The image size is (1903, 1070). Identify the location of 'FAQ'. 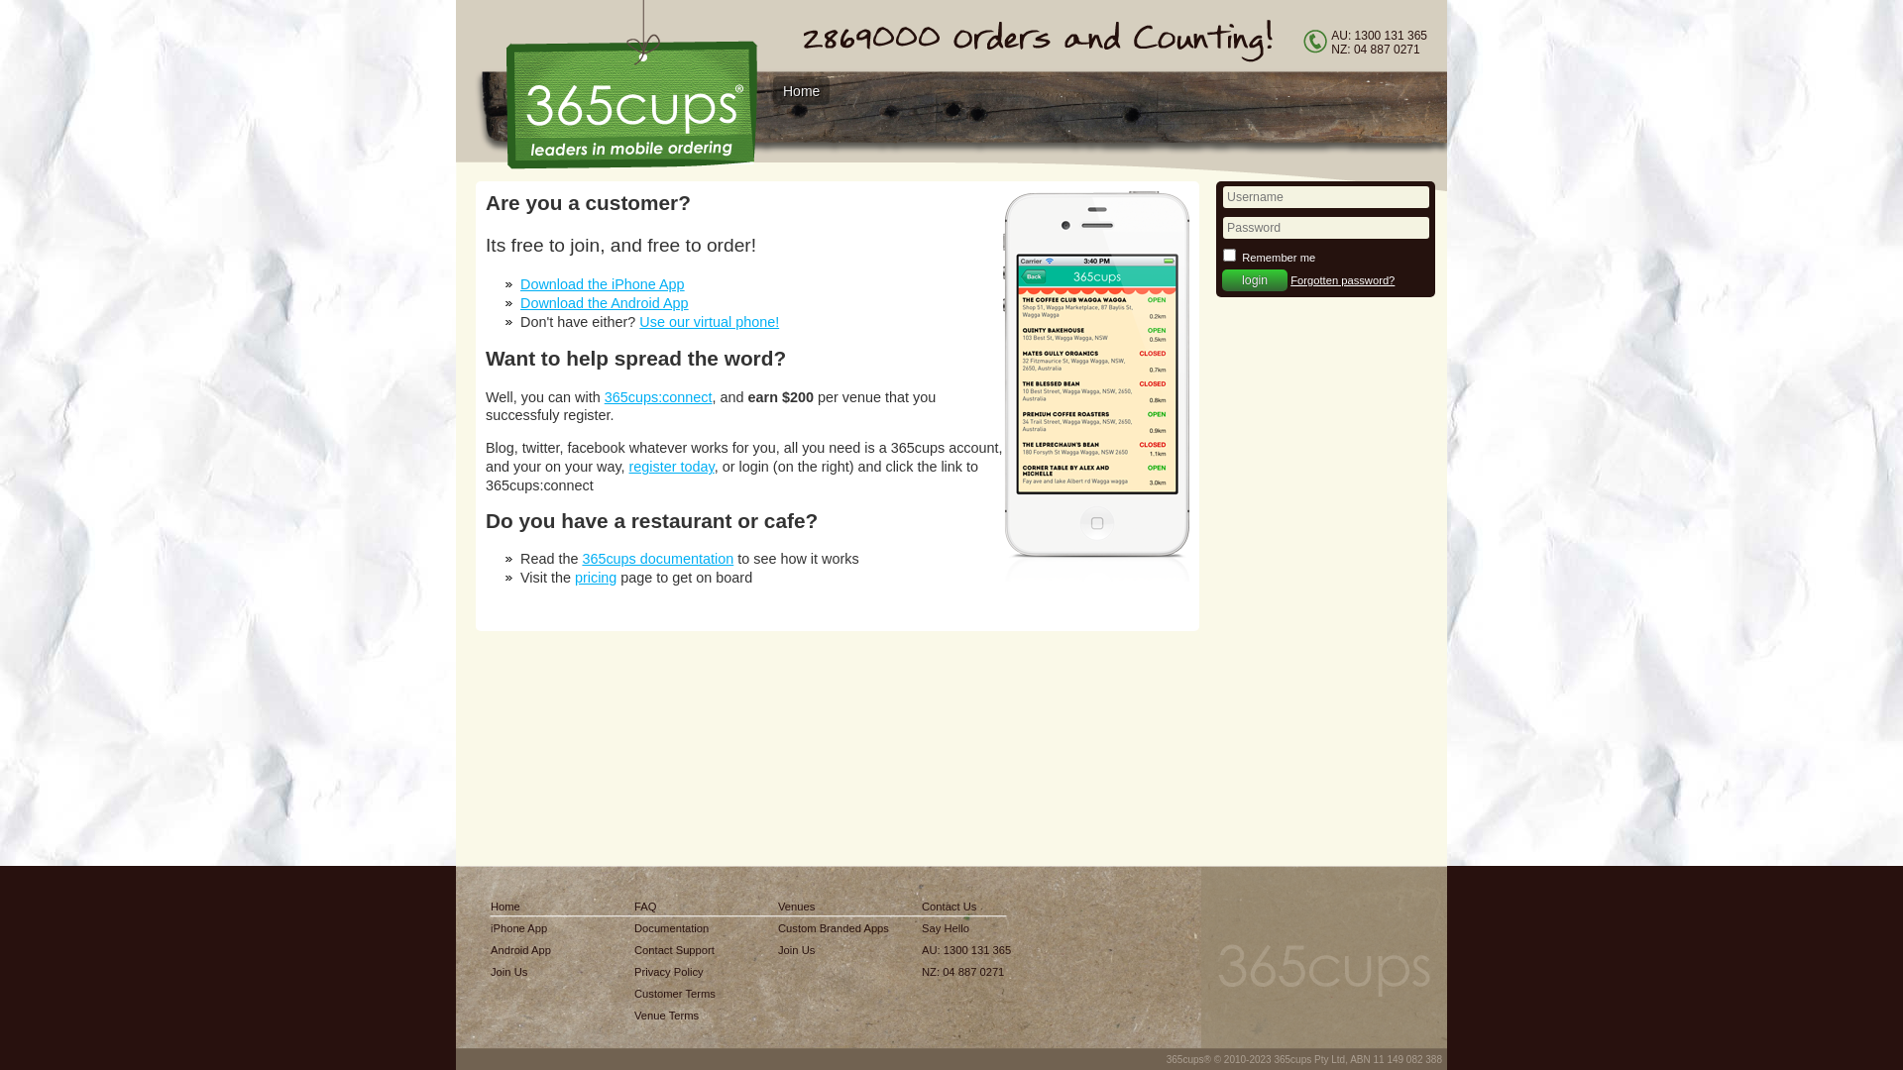
(675, 906).